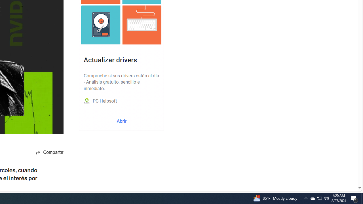  Describe the element at coordinates (110, 60) in the screenshot. I see `'Actualizar drivers'` at that location.